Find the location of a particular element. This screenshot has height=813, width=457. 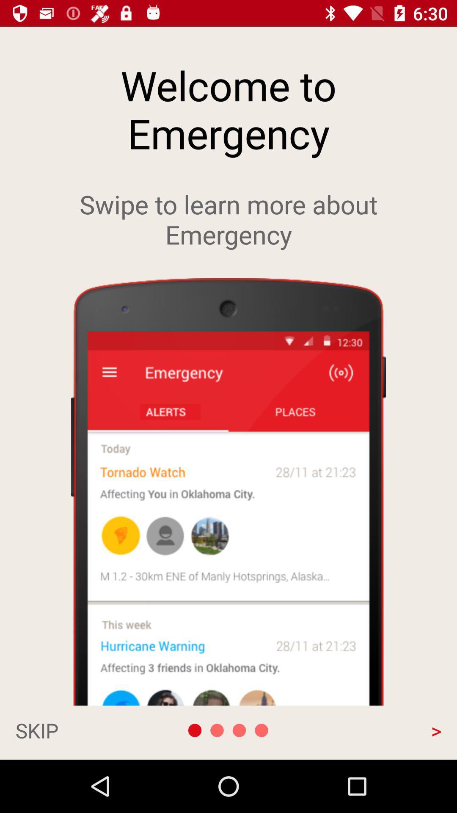

the skip icon is located at coordinates (79, 730).